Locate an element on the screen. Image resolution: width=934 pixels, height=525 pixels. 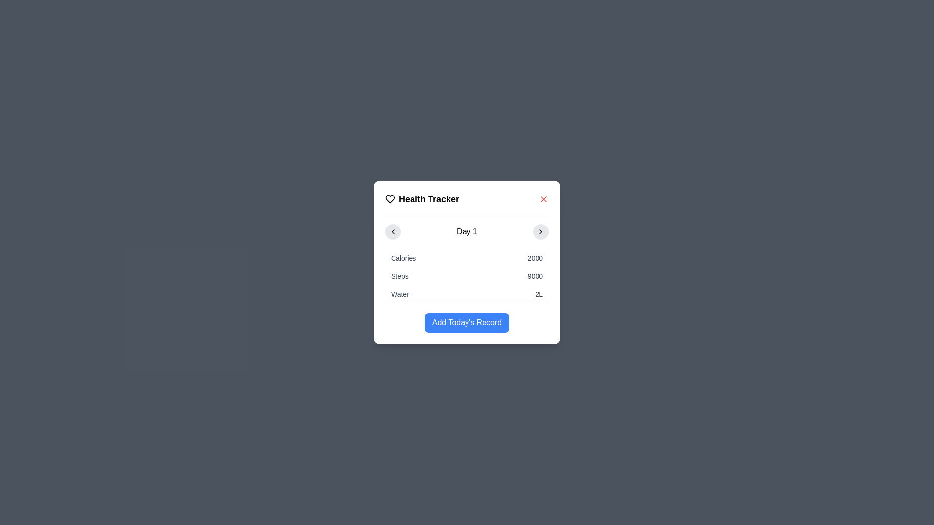
the blue button with rounded corners that reads 'Add Today's Record' located at the bottom center of the white card layout is located at coordinates (467, 322).